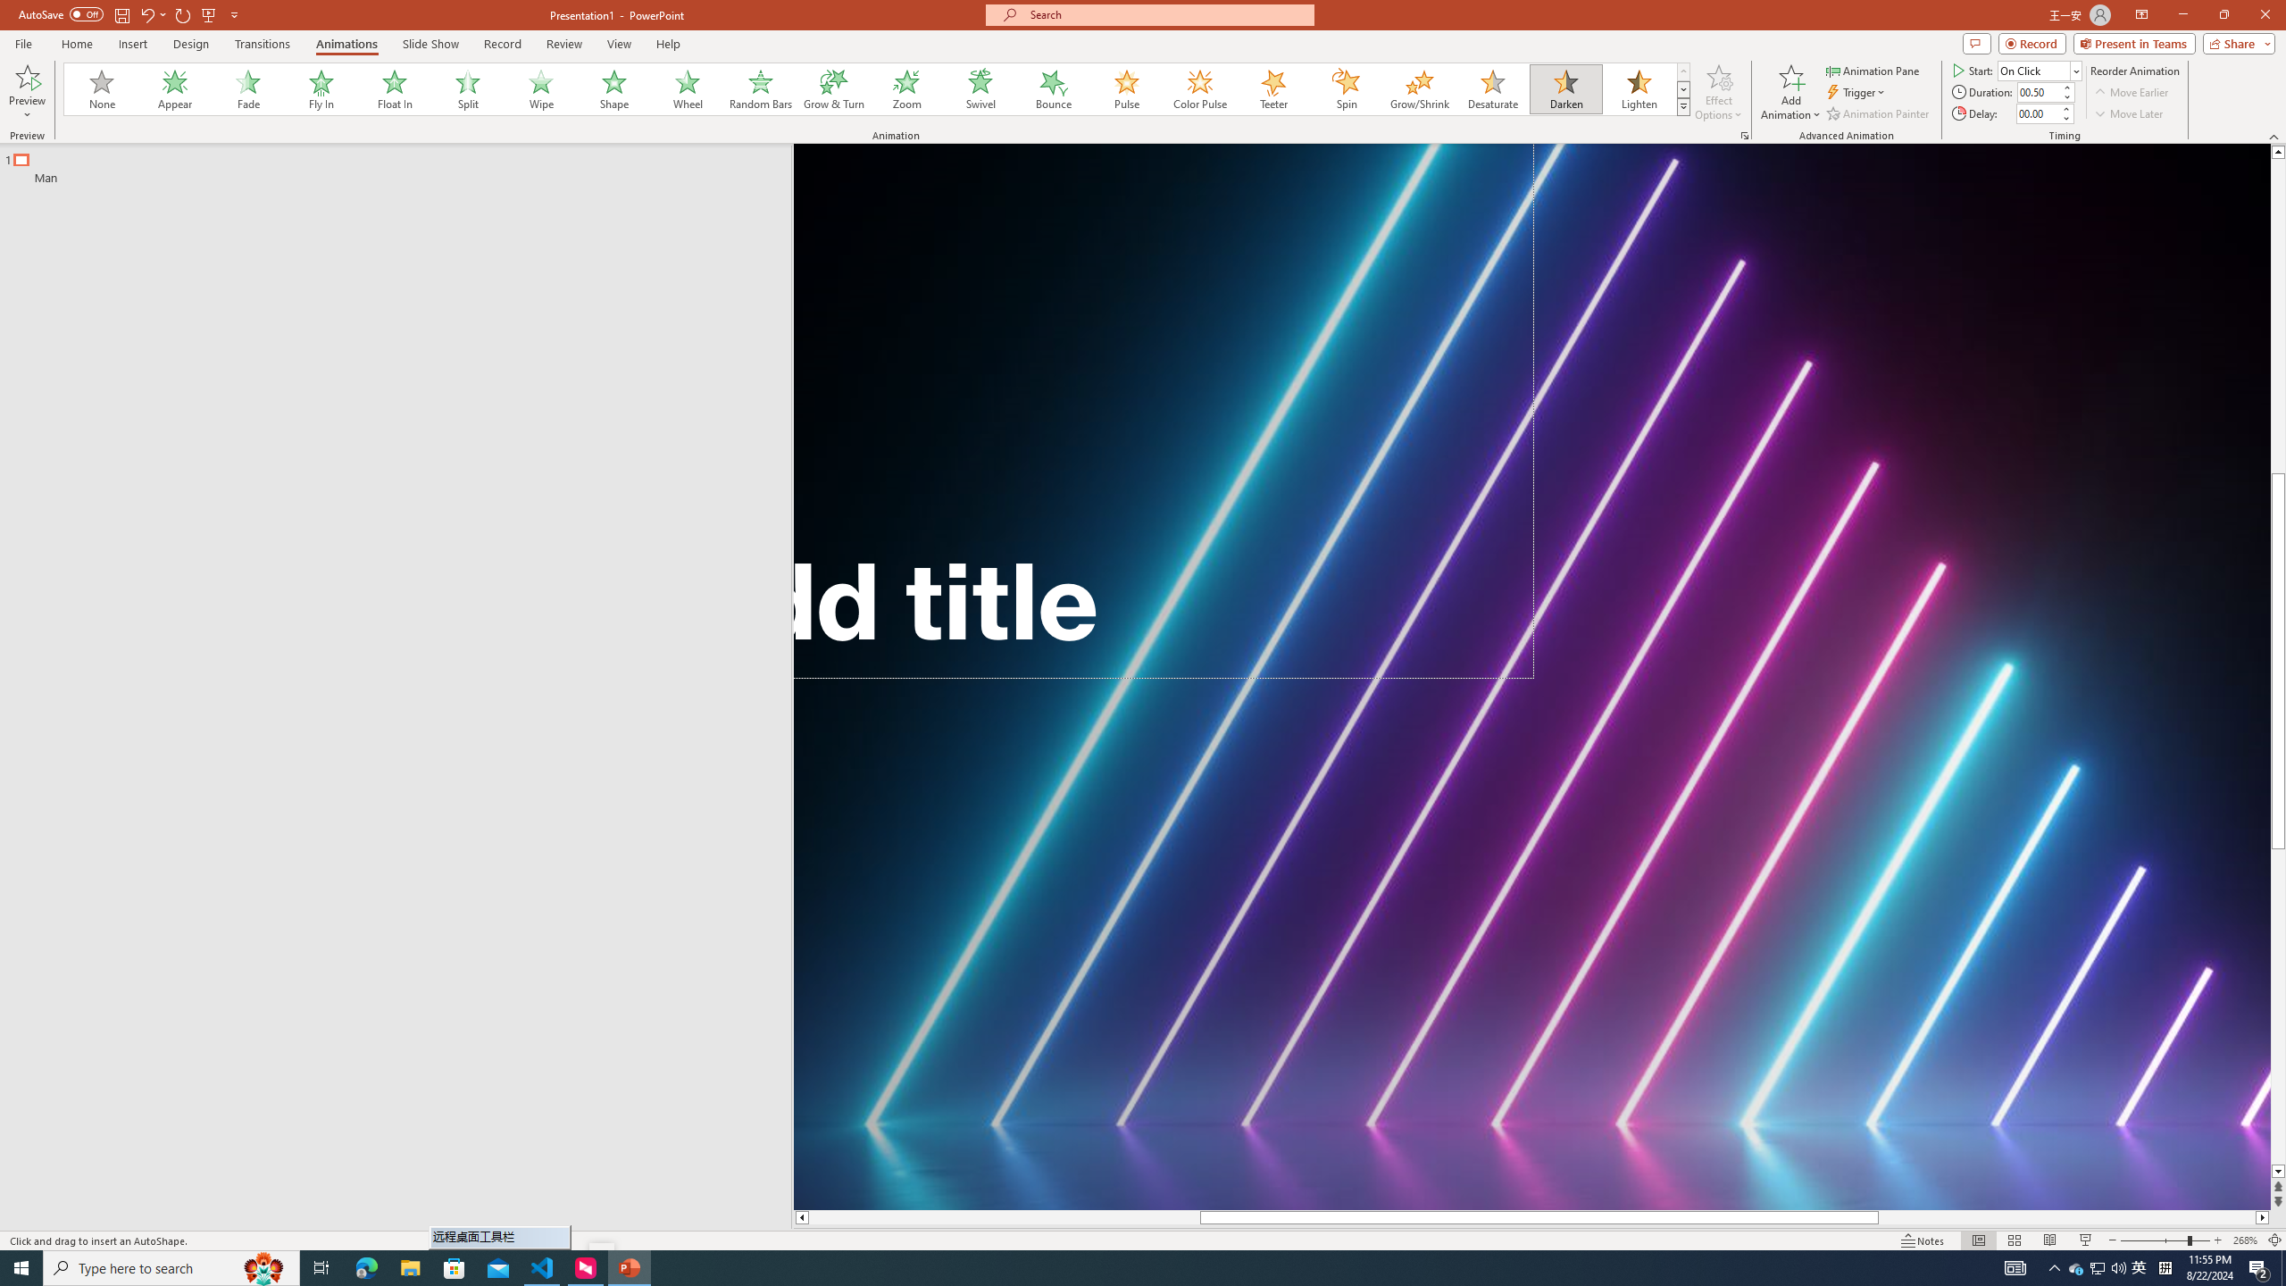 Image resolution: width=2286 pixels, height=1286 pixels. I want to click on 'Bounce', so click(1053, 88).